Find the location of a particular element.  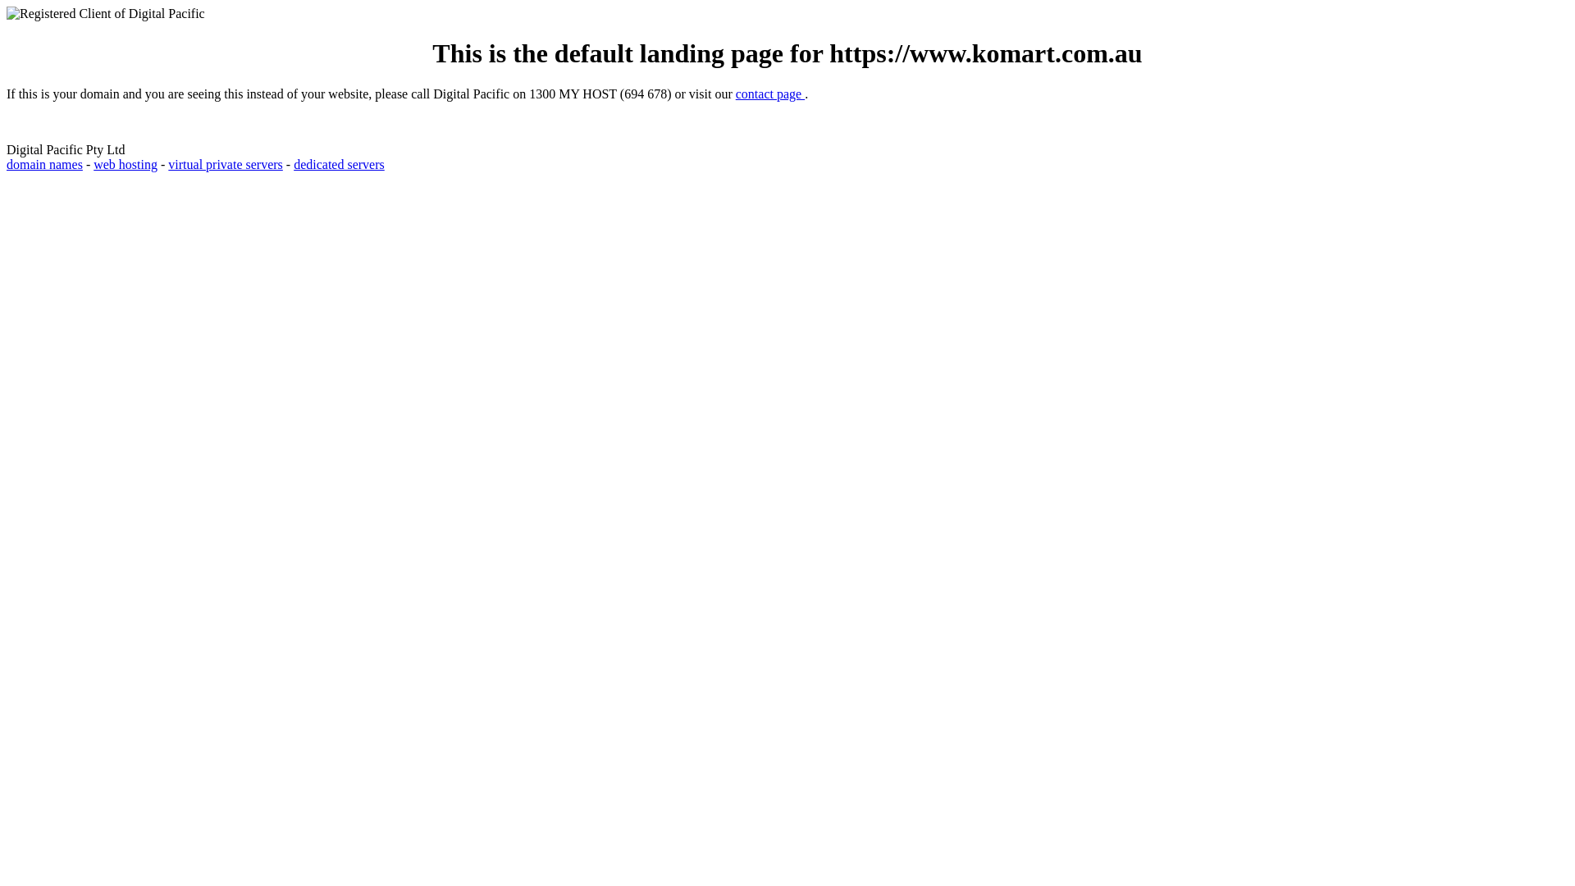

'virtual private servers' is located at coordinates (224, 164).